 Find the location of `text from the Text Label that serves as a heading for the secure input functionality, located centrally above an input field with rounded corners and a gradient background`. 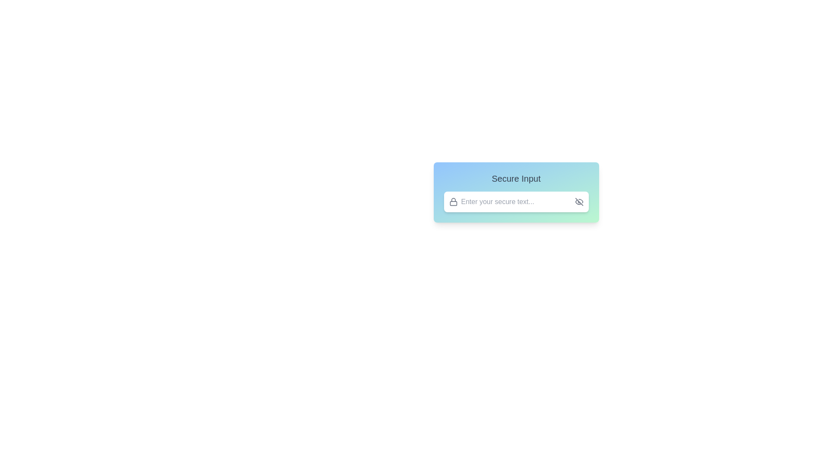

text from the Text Label that serves as a heading for the secure input functionality, located centrally above an input field with rounded corners and a gradient background is located at coordinates (516, 178).